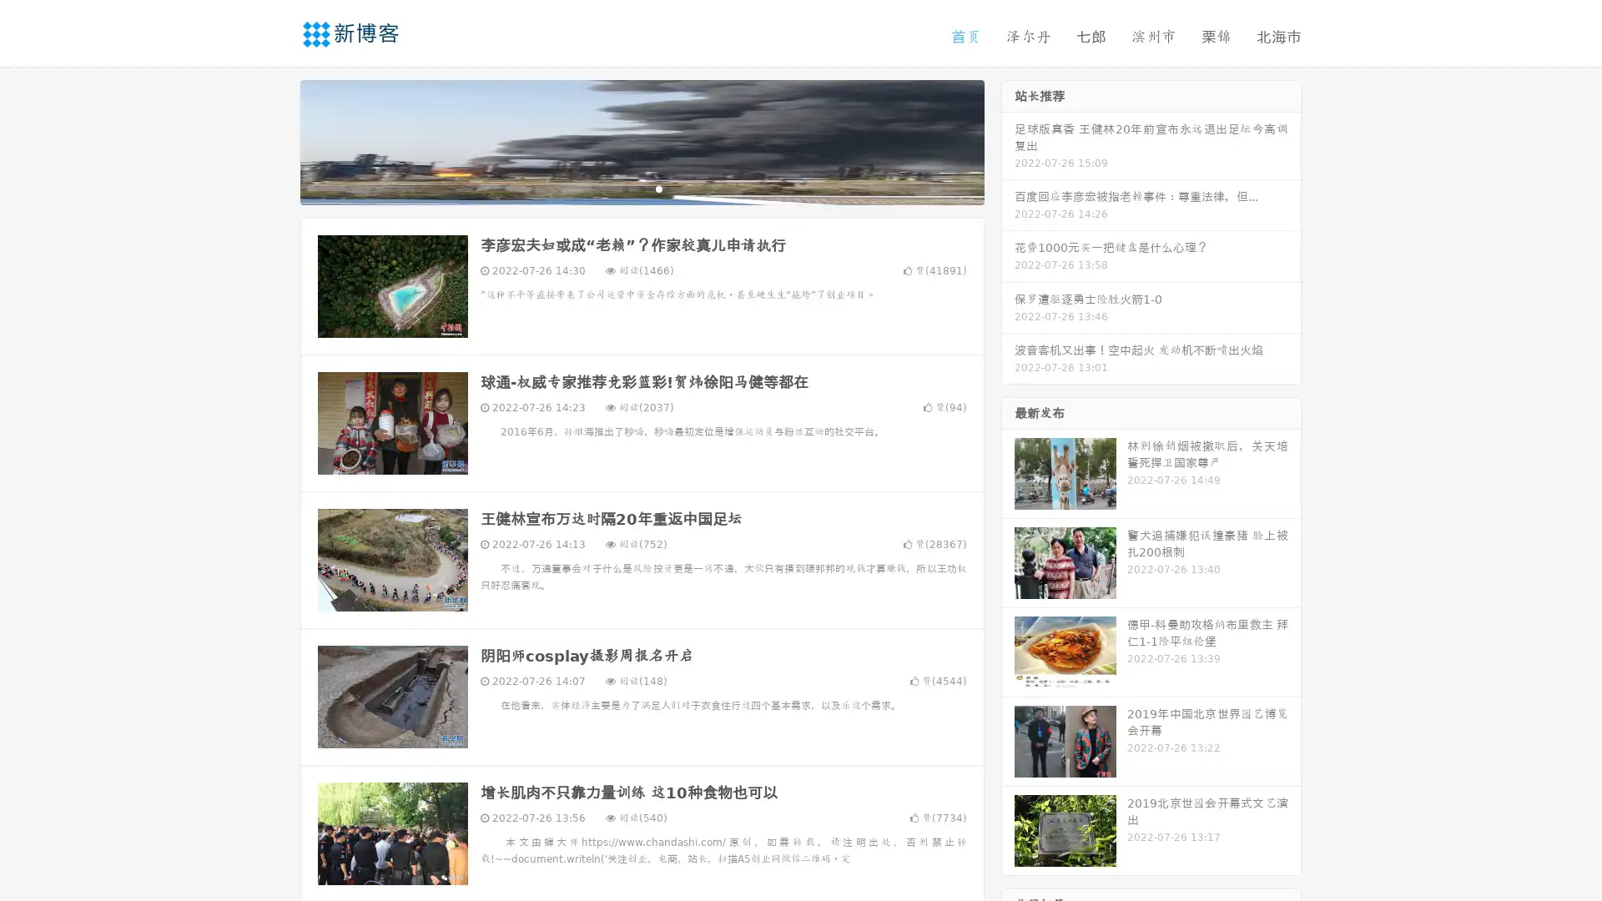 The width and height of the screenshot is (1602, 901). Describe the element at coordinates (641, 188) in the screenshot. I see `Go to slide 2` at that location.